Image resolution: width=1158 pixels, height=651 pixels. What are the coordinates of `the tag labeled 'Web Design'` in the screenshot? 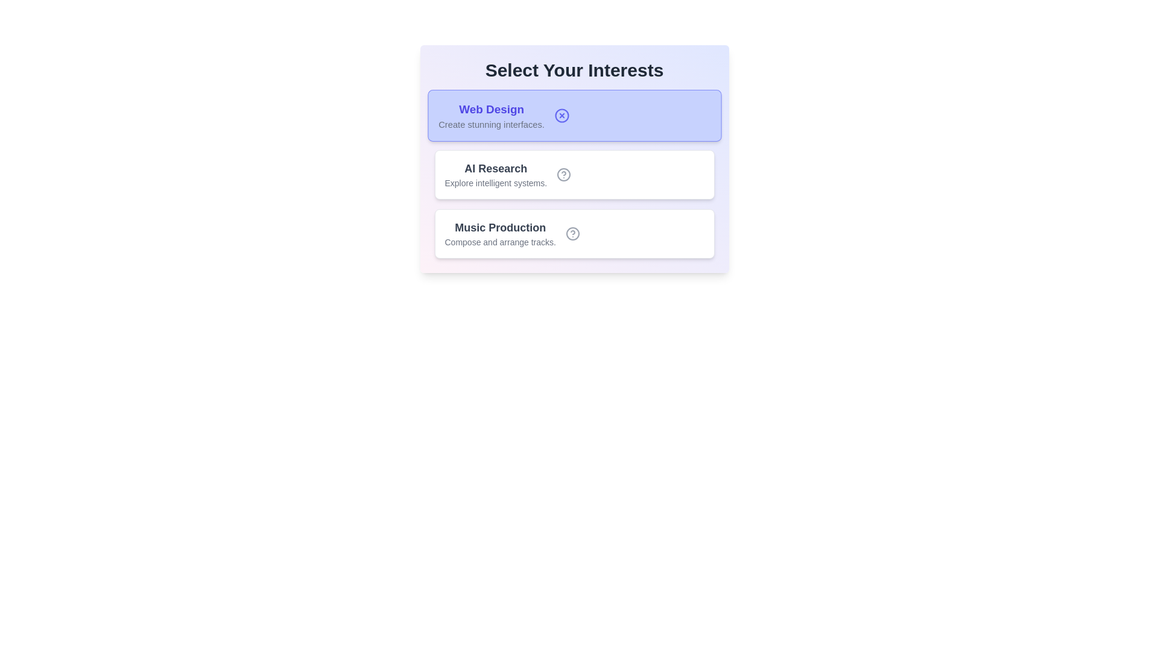 It's located at (574, 116).